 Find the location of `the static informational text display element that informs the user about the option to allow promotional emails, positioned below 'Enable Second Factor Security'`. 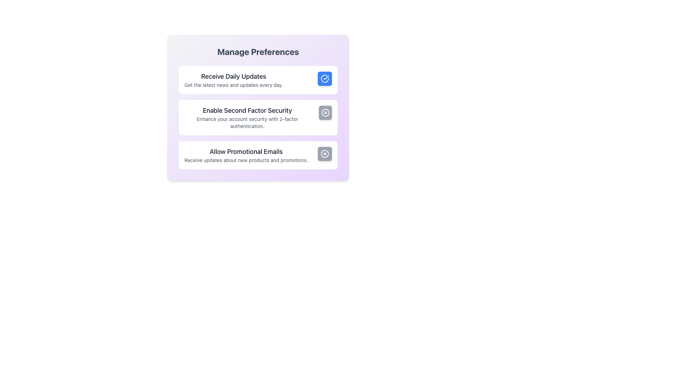

the static informational text display element that informs the user about the option to allow promotional emails, positioned below 'Enable Second Factor Security' is located at coordinates (246, 155).